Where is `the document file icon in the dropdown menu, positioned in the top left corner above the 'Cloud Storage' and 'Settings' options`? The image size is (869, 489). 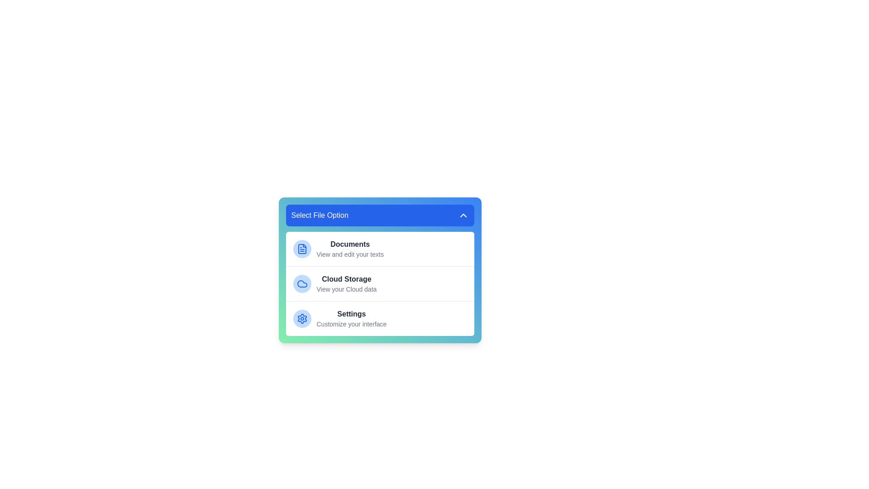
the document file icon in the dropdown menu, positioned in the top left corner above the 'Cloud Storage' and 'Settings' options is located at coordinates (302, 249).